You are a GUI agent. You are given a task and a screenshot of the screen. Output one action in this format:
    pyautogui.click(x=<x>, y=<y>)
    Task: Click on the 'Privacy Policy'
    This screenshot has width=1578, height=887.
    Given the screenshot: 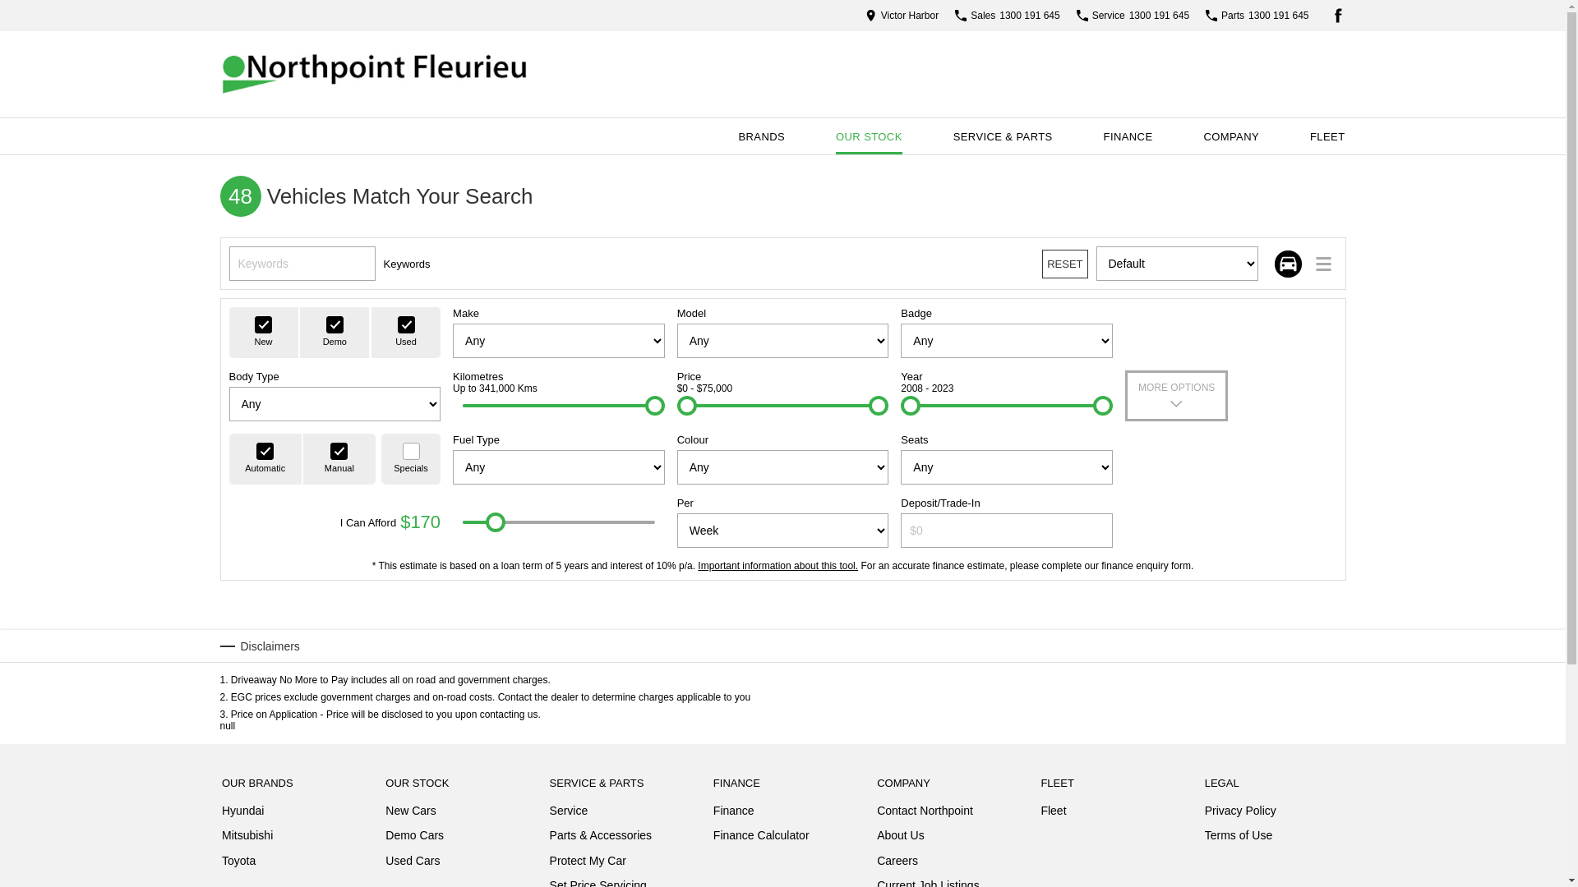 What is the action you would take?
    pyautogui.click(x=1204, y=814)
    